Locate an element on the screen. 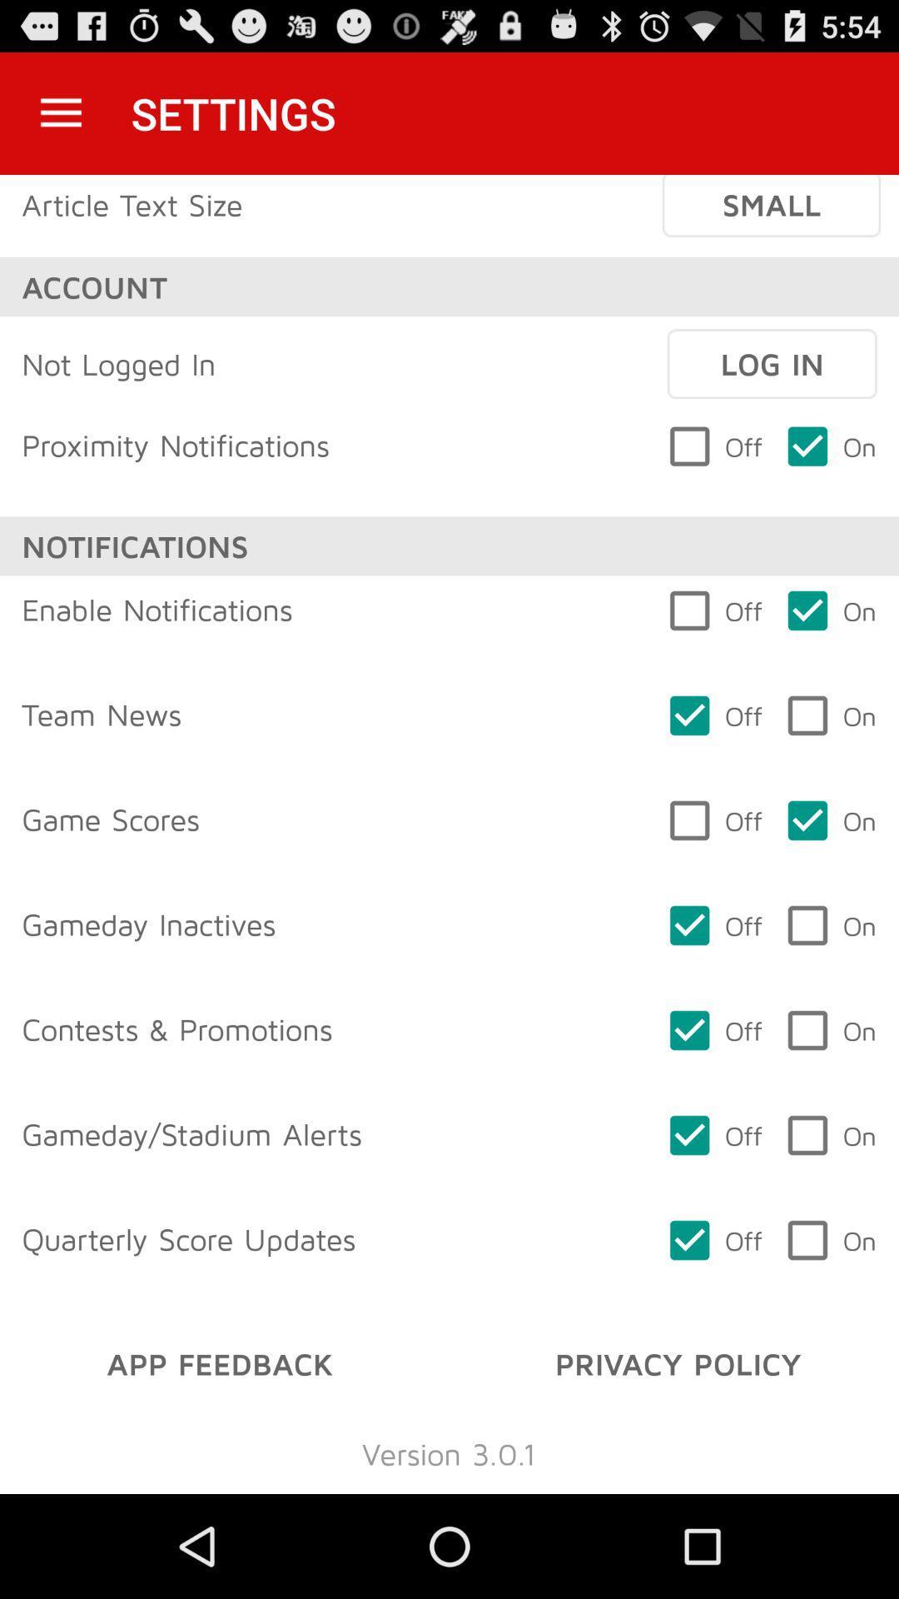 Image resolution: width=899 pixels, height=1599 pixels. the icon below app feedback icon is located at coordinates (448, 1452).